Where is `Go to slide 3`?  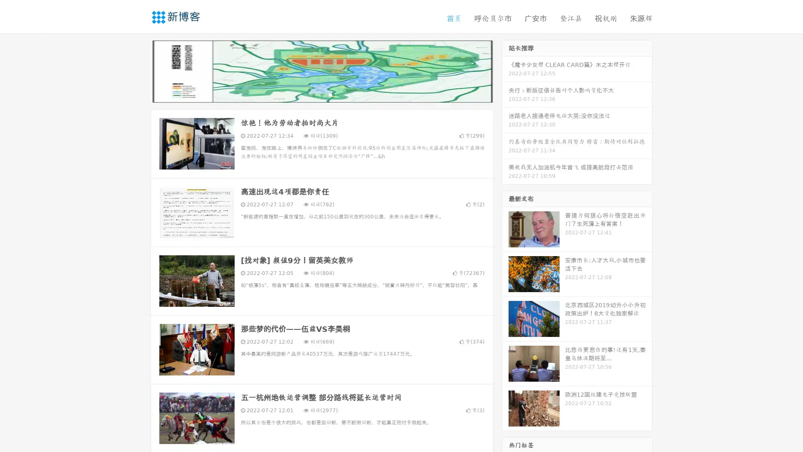
Go to slide 3 is located at coordinates (330, 94).